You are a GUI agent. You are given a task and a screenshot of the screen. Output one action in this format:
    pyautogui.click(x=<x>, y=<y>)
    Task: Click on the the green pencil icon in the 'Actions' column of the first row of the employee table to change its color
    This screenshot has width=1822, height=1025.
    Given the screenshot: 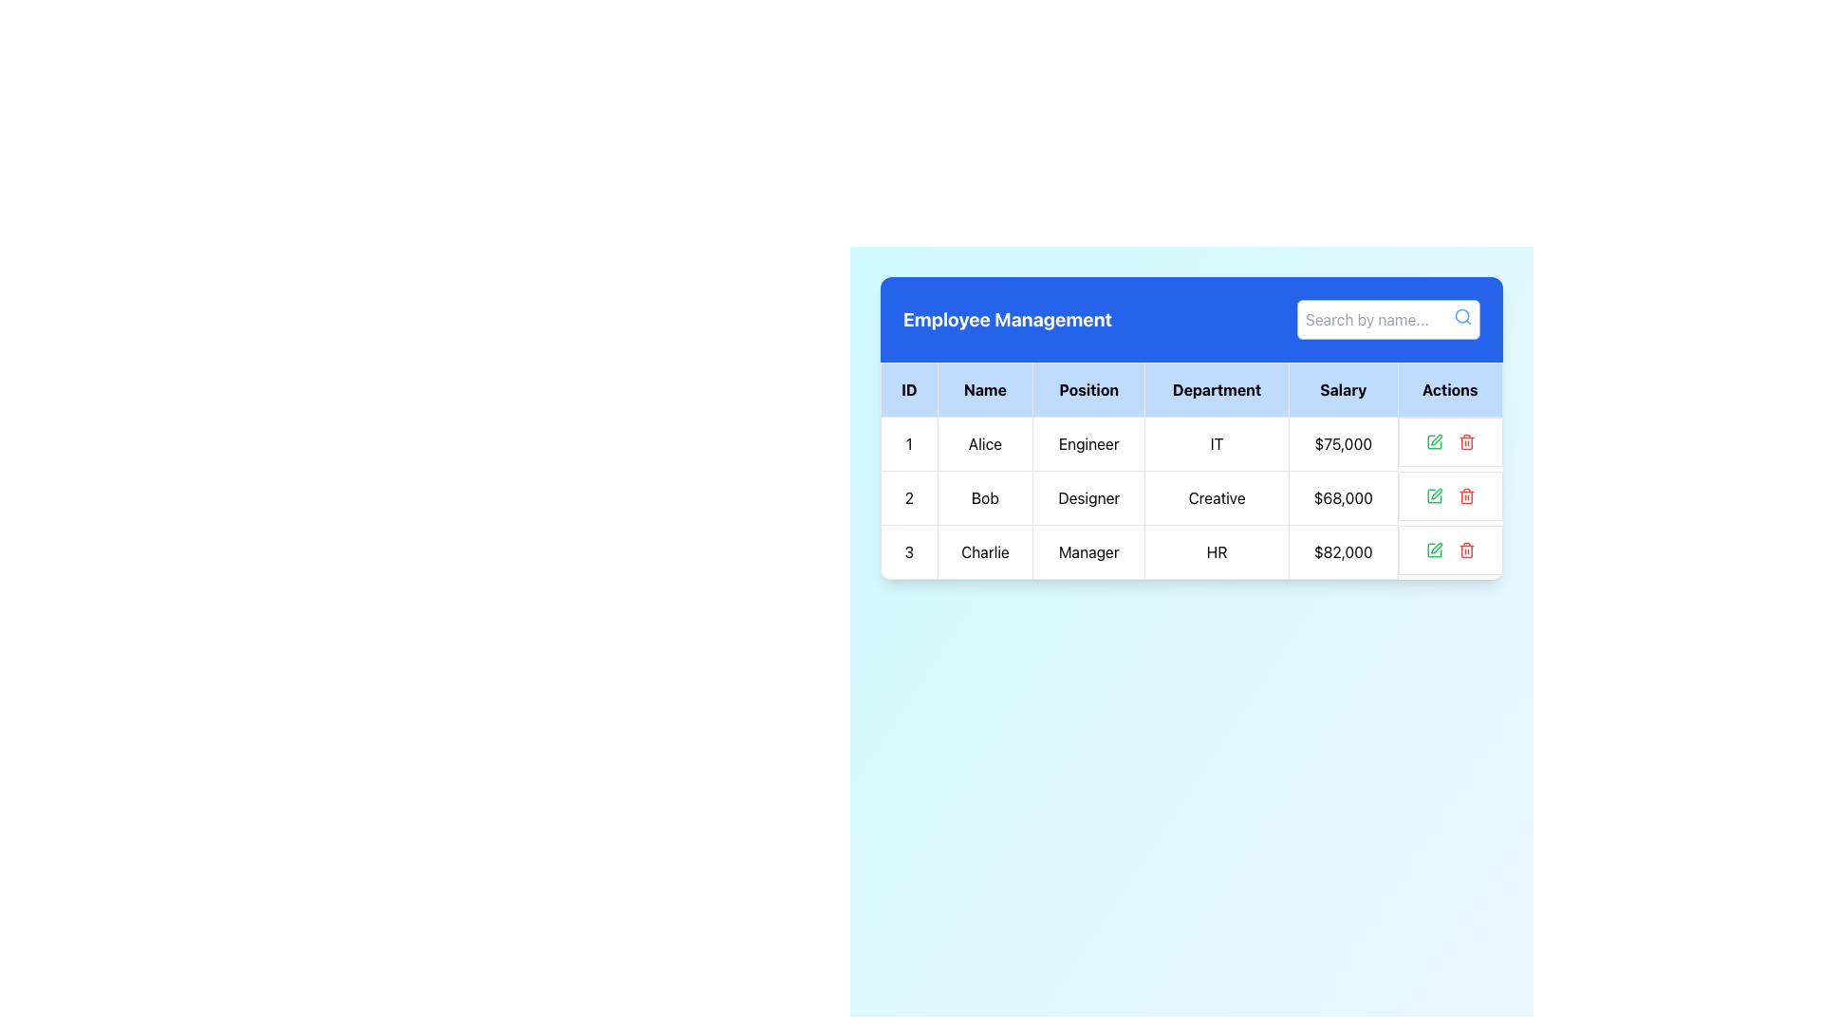 What is the action you would take?
    pyautogui.click(x=1434, y=550)
    